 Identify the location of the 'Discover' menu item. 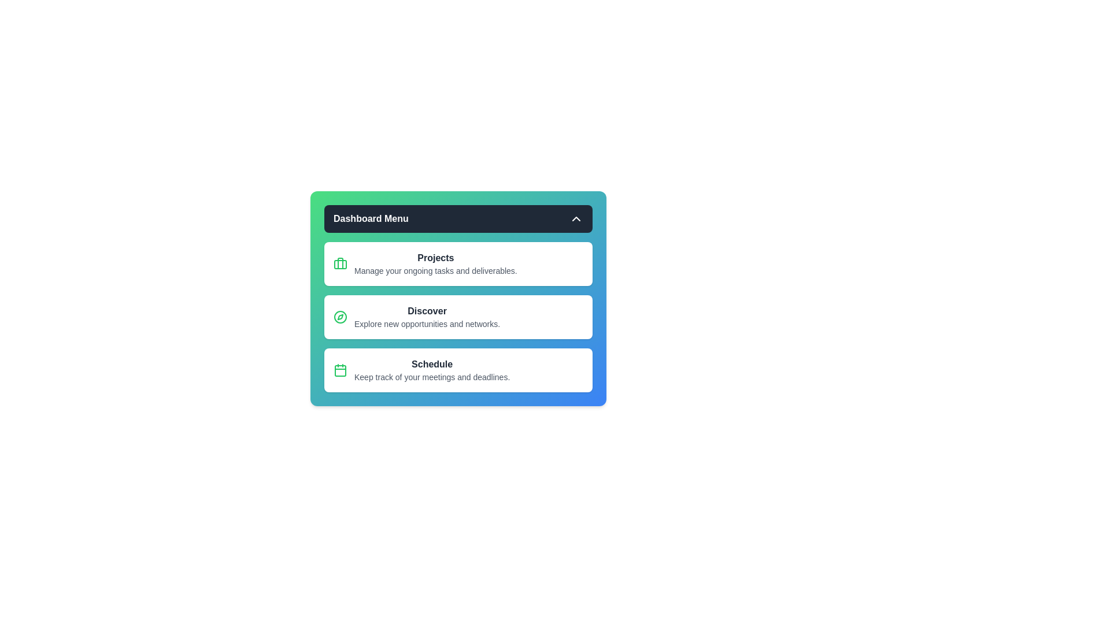
(457, 317).